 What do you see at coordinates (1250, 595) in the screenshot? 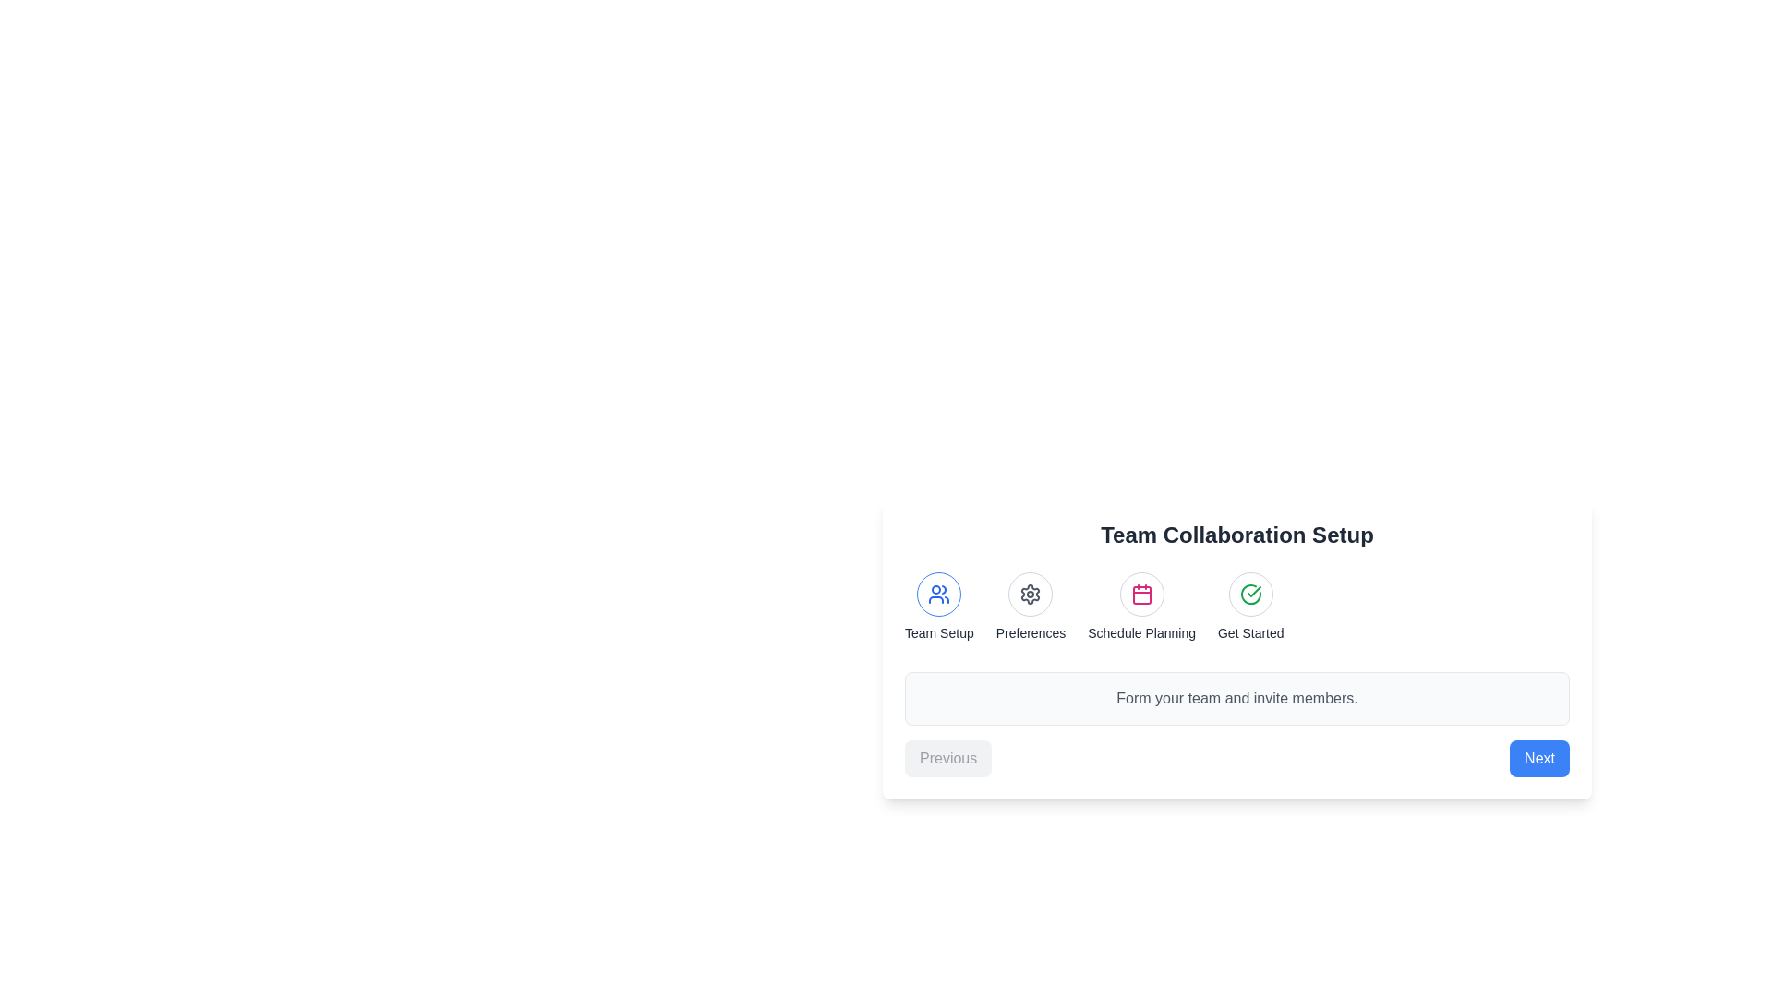
I see `SVG properties of the decorative element that emphasizes a positive status, located under the 'Get Started' text and positioned within the circular icon` at bounding box center [1250, 595].